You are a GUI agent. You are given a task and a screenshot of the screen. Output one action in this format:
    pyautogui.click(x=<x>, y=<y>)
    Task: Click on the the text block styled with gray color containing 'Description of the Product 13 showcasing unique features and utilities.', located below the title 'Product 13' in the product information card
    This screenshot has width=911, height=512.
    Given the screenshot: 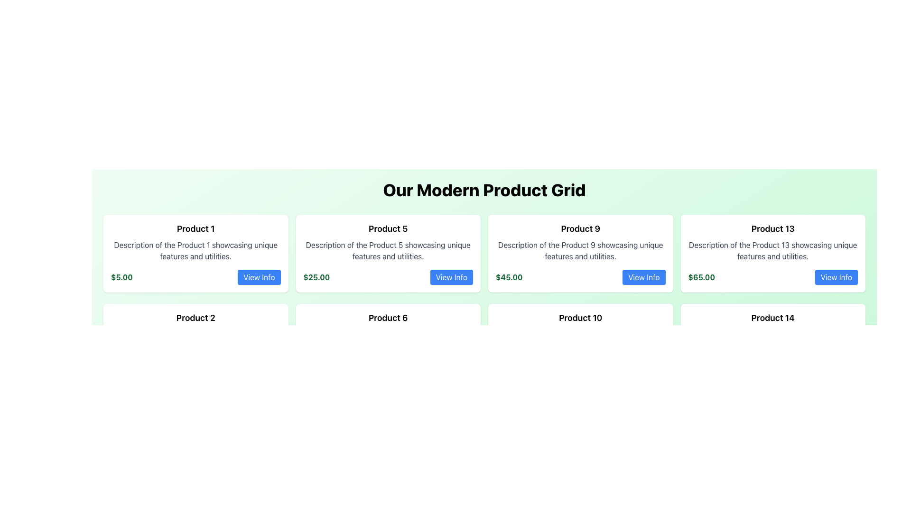 What is the action you would take?
    pyautogui.click(x=773, y=250)
    